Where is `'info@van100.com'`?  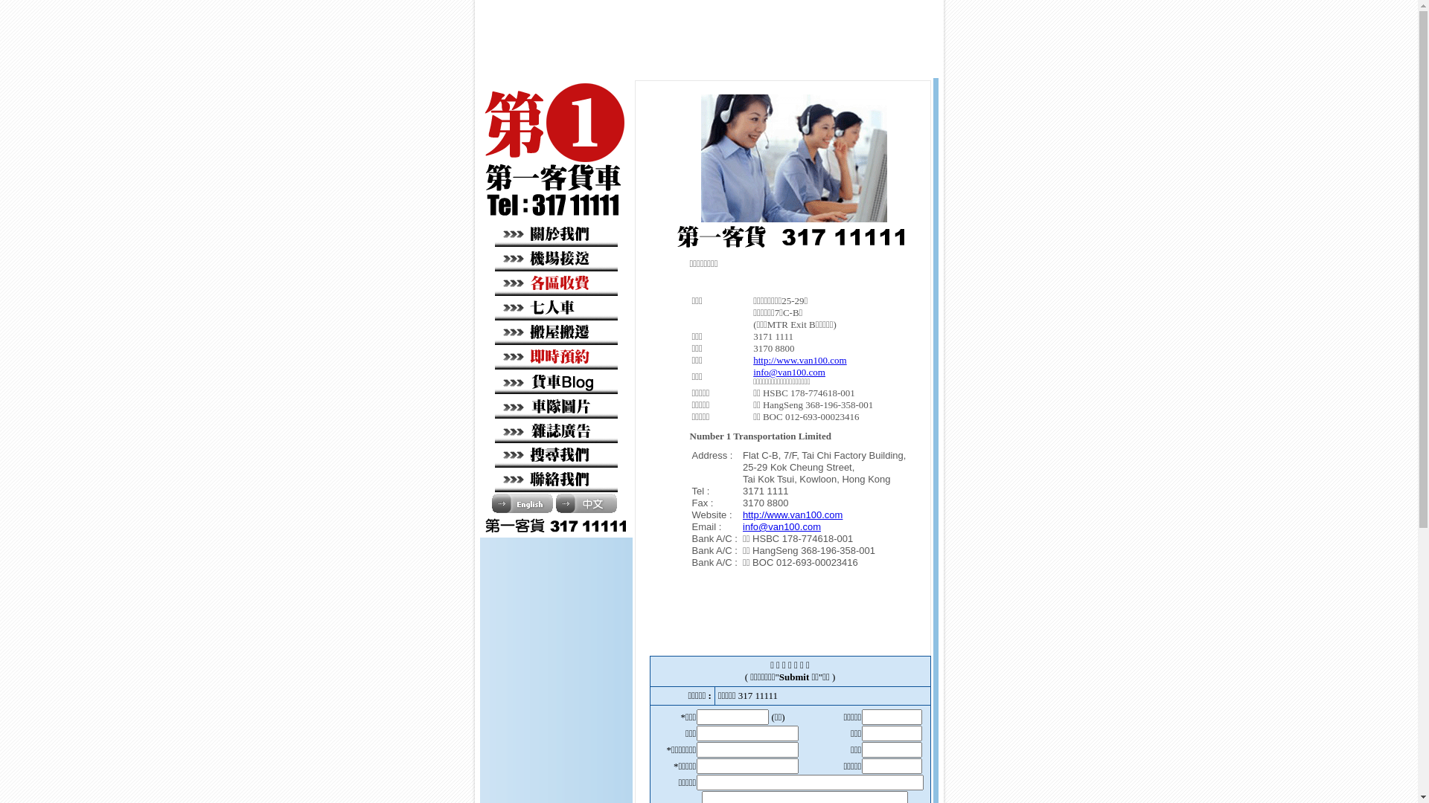
'info@van100.com' is located at coordinates (781, 526).